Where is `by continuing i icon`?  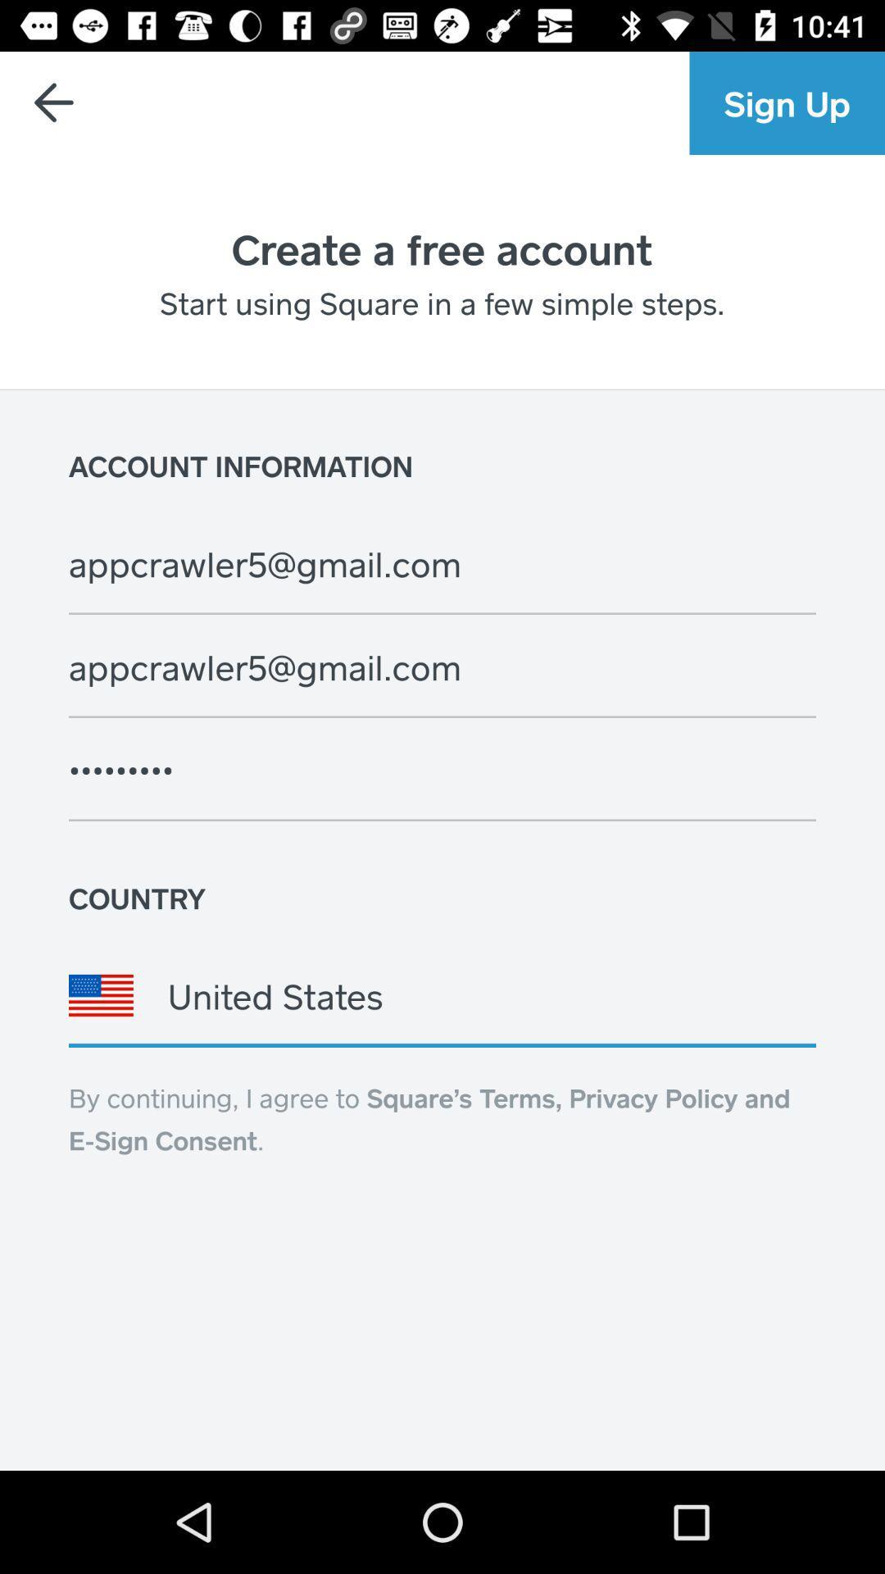 by continuing i icon is located at coordinates (429, 1117).